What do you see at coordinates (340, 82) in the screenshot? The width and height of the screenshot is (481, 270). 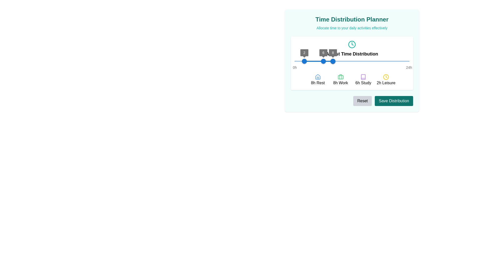 I see `the '8h Work' text label, which is displayed in bold black font and positioned beneath the green briefcase icon in the 'Time Distribution Planner' interface` at bounding box center [340, 82].